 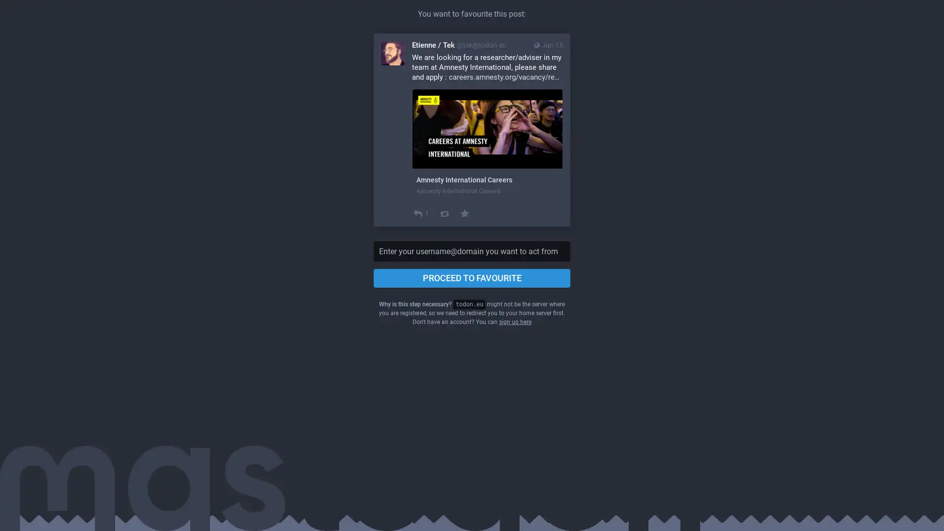 What do you see at coordinates (472, 278) in the screenshot?
I see `PROCEED TO FAVOURITE` at bounding box center [472, 278].